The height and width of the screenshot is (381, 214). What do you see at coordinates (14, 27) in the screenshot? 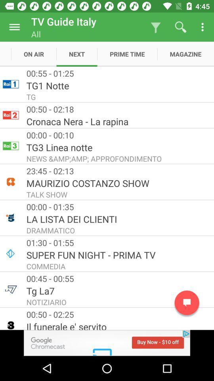
I see `settings option` at bounding box center [14, 27].